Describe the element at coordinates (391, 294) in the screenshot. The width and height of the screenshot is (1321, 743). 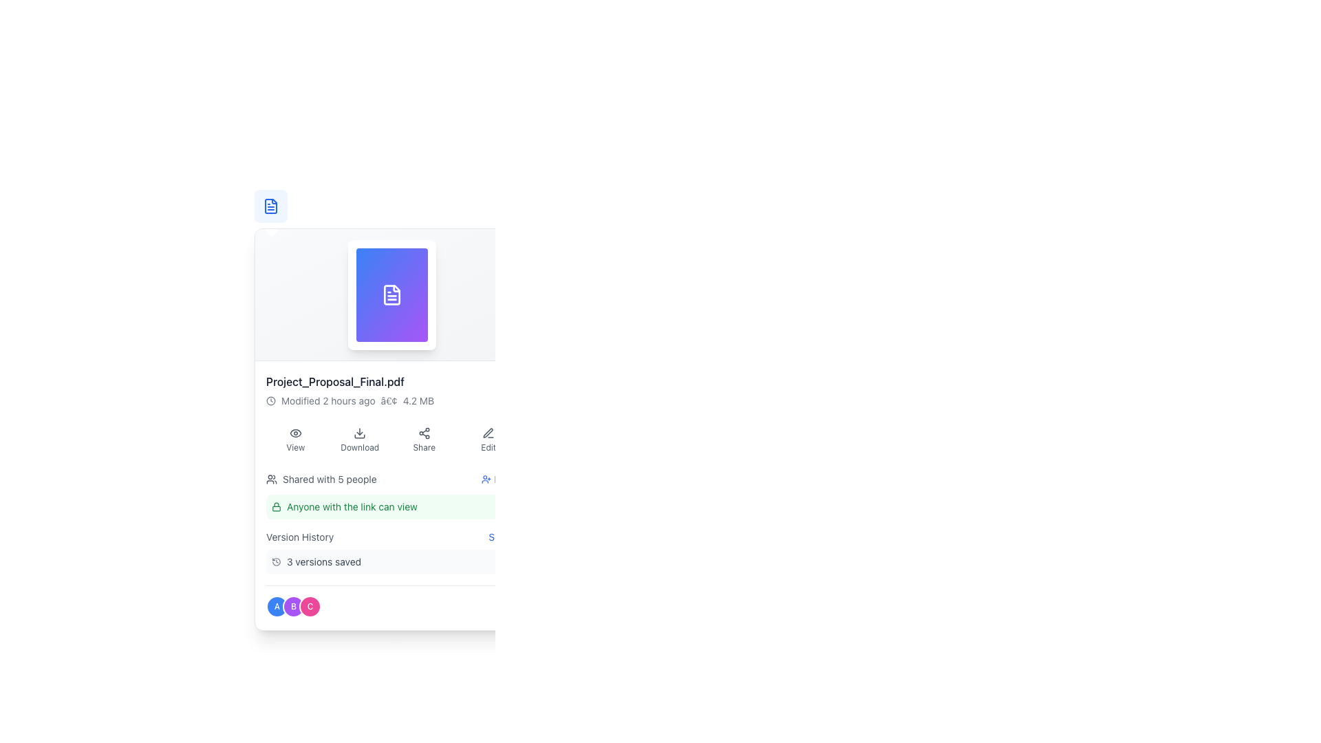
I see `the icon representing a file` at that location.